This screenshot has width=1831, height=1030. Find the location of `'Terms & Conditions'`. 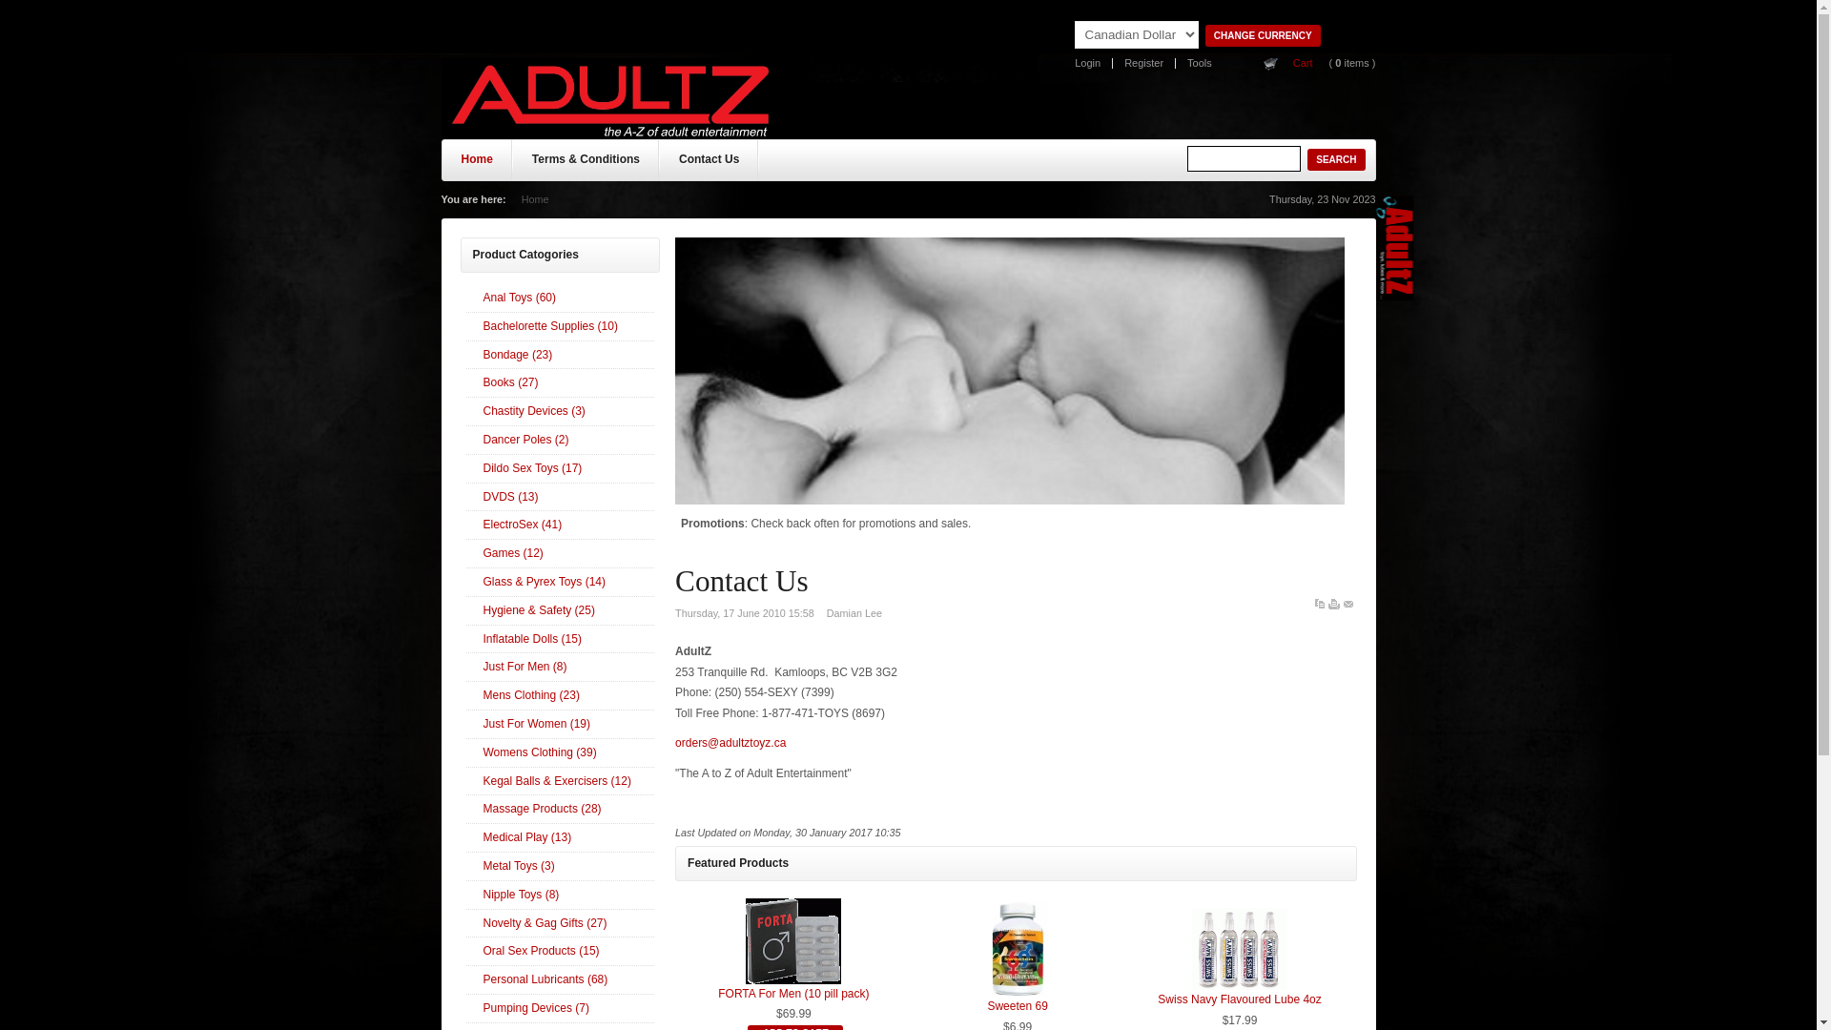

'Terms & Conditions' is located at coordinates (522, 163).